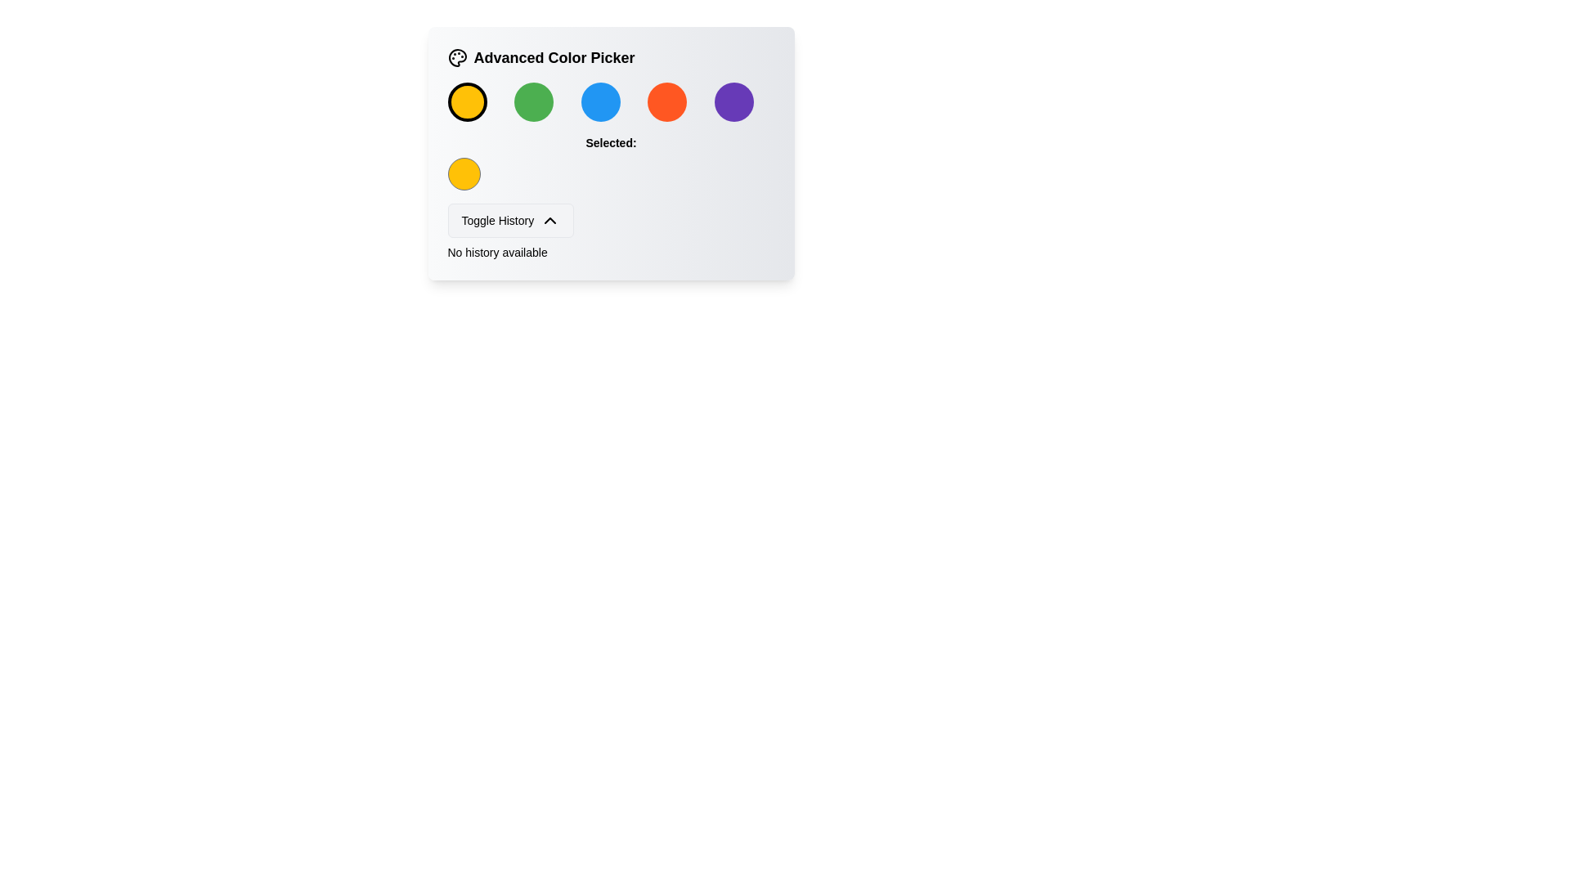  I want to click on the visual indicator for the 'Toggle History' button to receive feedback, so click(550, 221).